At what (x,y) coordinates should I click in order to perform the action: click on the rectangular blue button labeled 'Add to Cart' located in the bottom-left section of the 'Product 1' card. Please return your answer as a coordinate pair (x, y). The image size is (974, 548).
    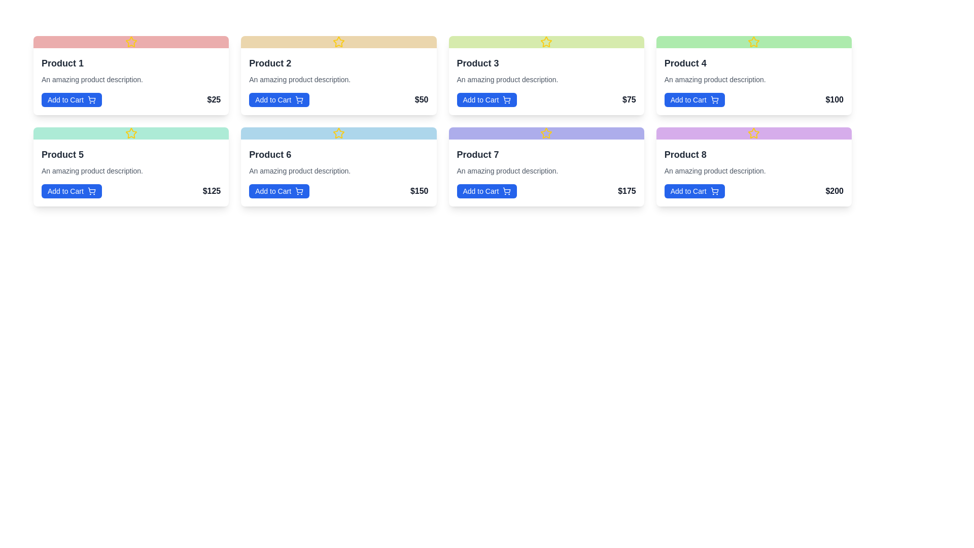
    Looking at the image, I should click on (71, 99).